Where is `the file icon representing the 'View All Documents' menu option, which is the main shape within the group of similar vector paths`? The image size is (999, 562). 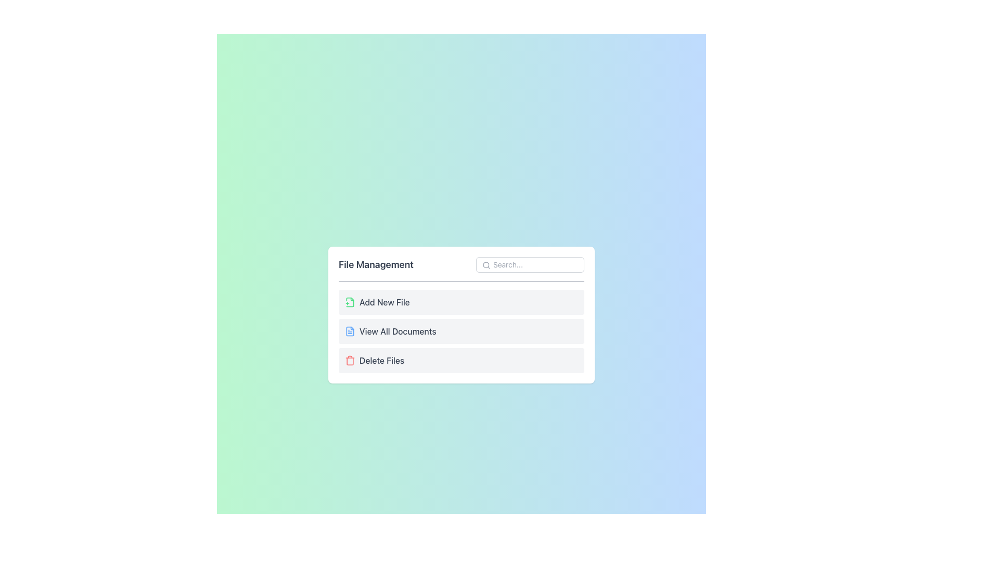 the file icon representing the 'View All Documents' menu option, which is the main shape within the group of similar vector paths is located at coordinates (350, 331).